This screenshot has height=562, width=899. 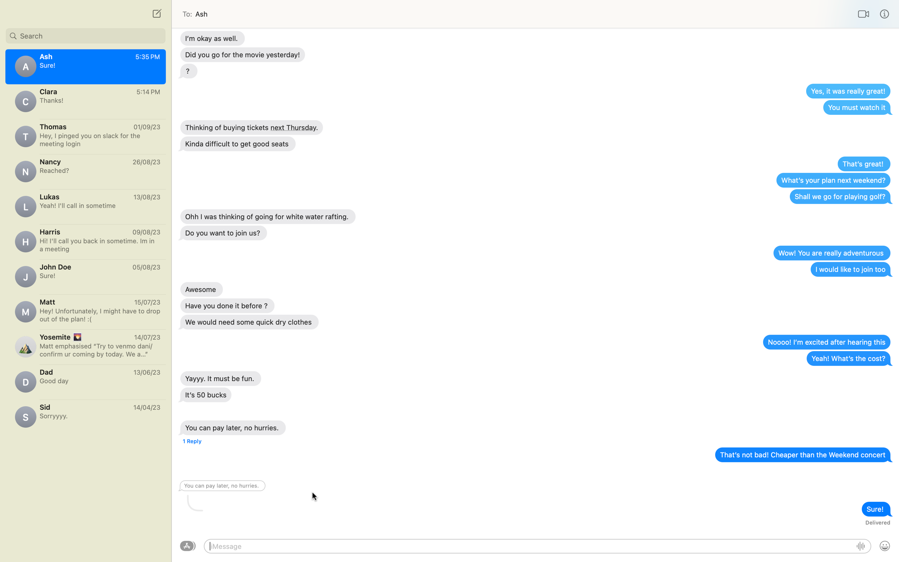 I want to click on the contact "Emily" in the directory, so click(x=85, y=34).